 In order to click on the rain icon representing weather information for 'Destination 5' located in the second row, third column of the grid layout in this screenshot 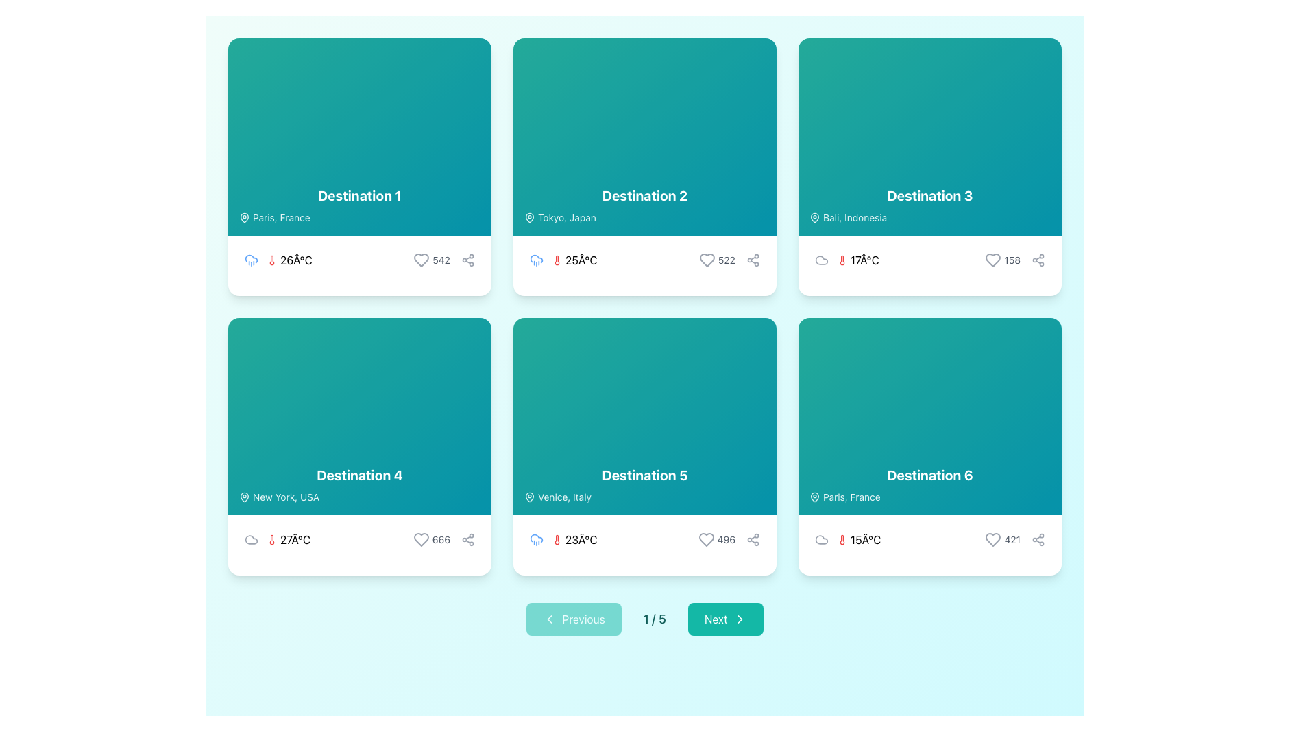, I will do `click(535, 539)`.